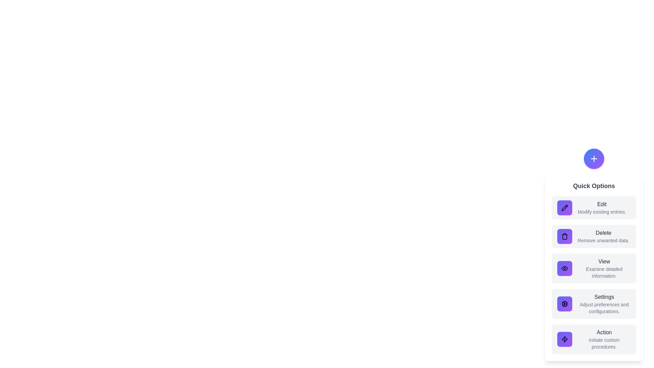 The image size is (654, 368). I want to click on the Action option from the list, so click(593, 339).